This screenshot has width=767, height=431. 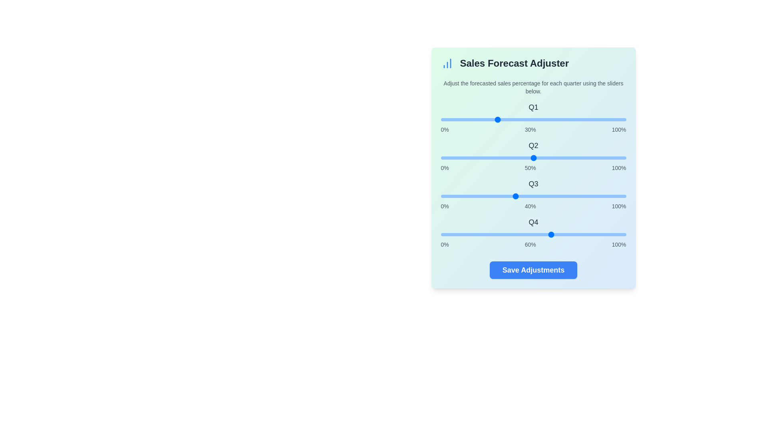 What do you see at coordinates (522, 196) in the screenshot?
I see `the Q3 slider to 44%` at bounding box center [522, 196].